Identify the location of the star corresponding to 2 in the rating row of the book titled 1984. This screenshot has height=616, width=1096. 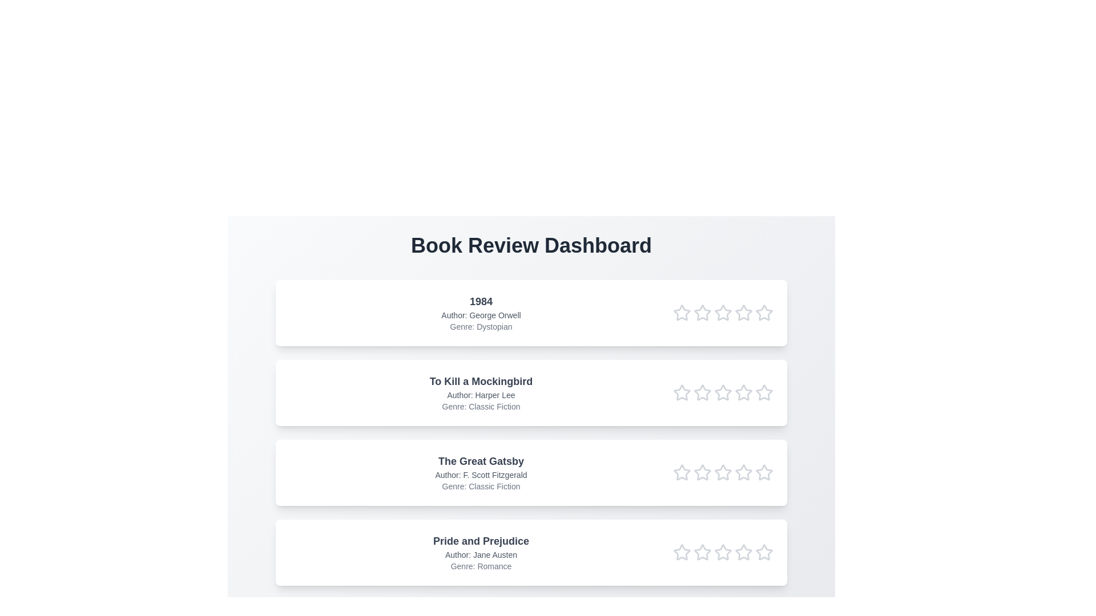
(702, 313).